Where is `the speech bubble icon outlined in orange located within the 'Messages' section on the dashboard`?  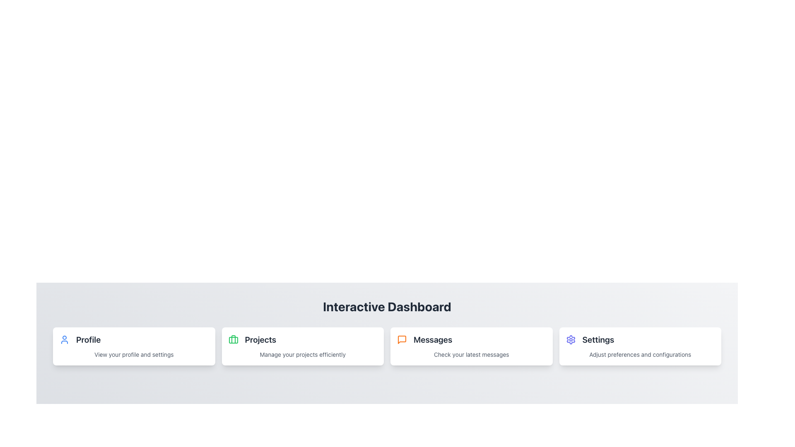 the speech bubble icon outlined in orange located within the 'Messages' section on the dashboard is located at coordinates (402, 340).